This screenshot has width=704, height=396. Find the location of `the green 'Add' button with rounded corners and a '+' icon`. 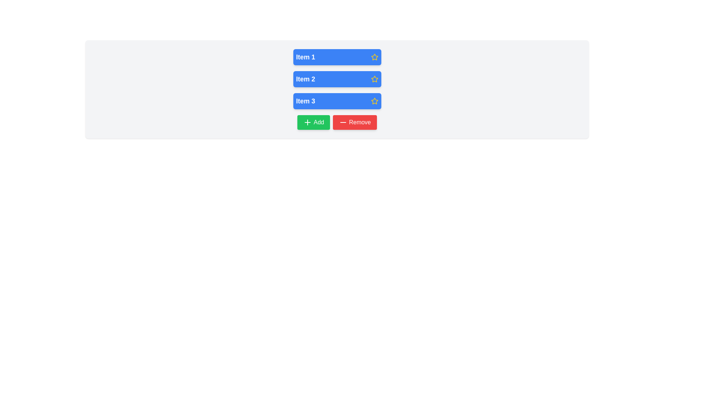

the green 'Add' button with rounded corners and a '+' icon is located at coordinates (313, 122).